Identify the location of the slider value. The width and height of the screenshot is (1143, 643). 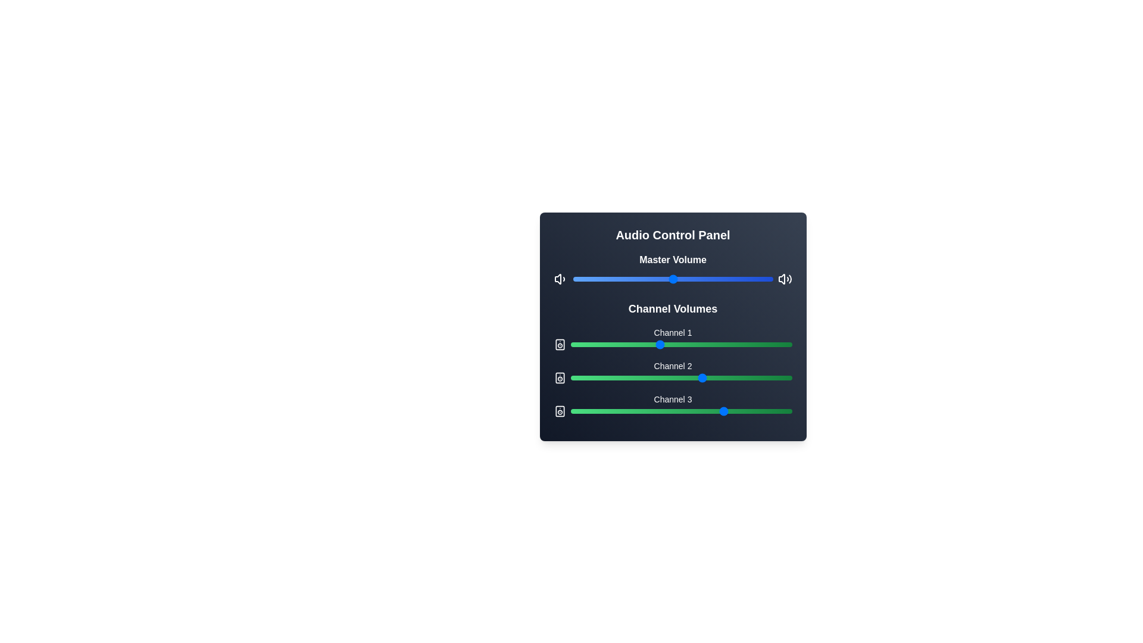
(629, 344).